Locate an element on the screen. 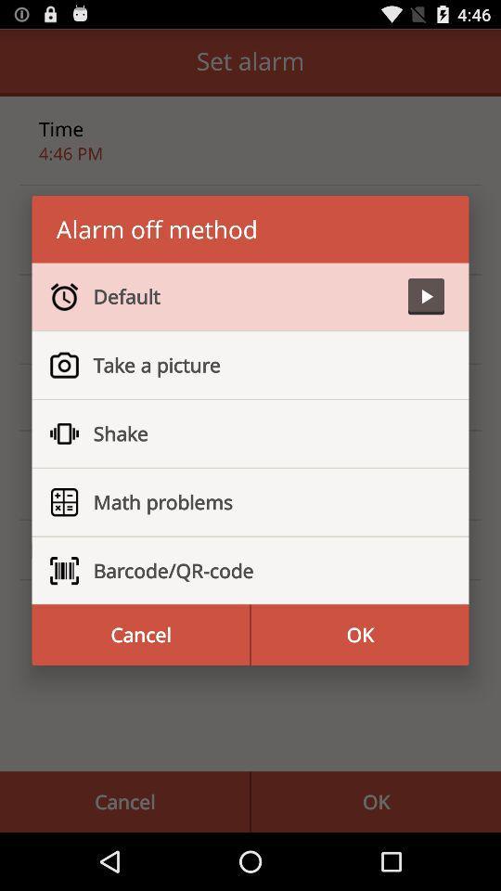  default alarm sound is located at coordinates (426, 296).